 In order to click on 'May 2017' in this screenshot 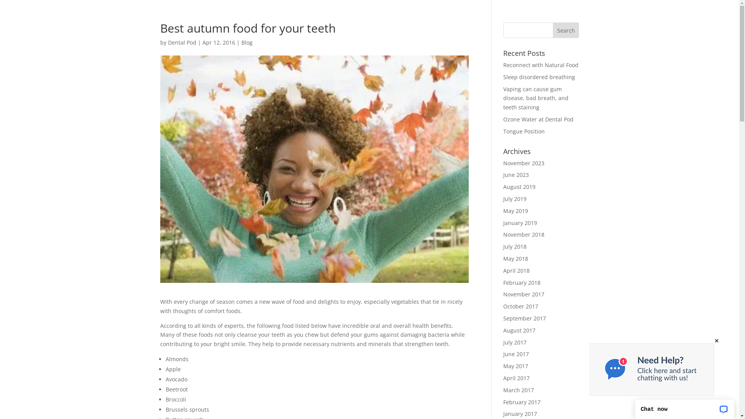, I will do `click(516, 366)`.